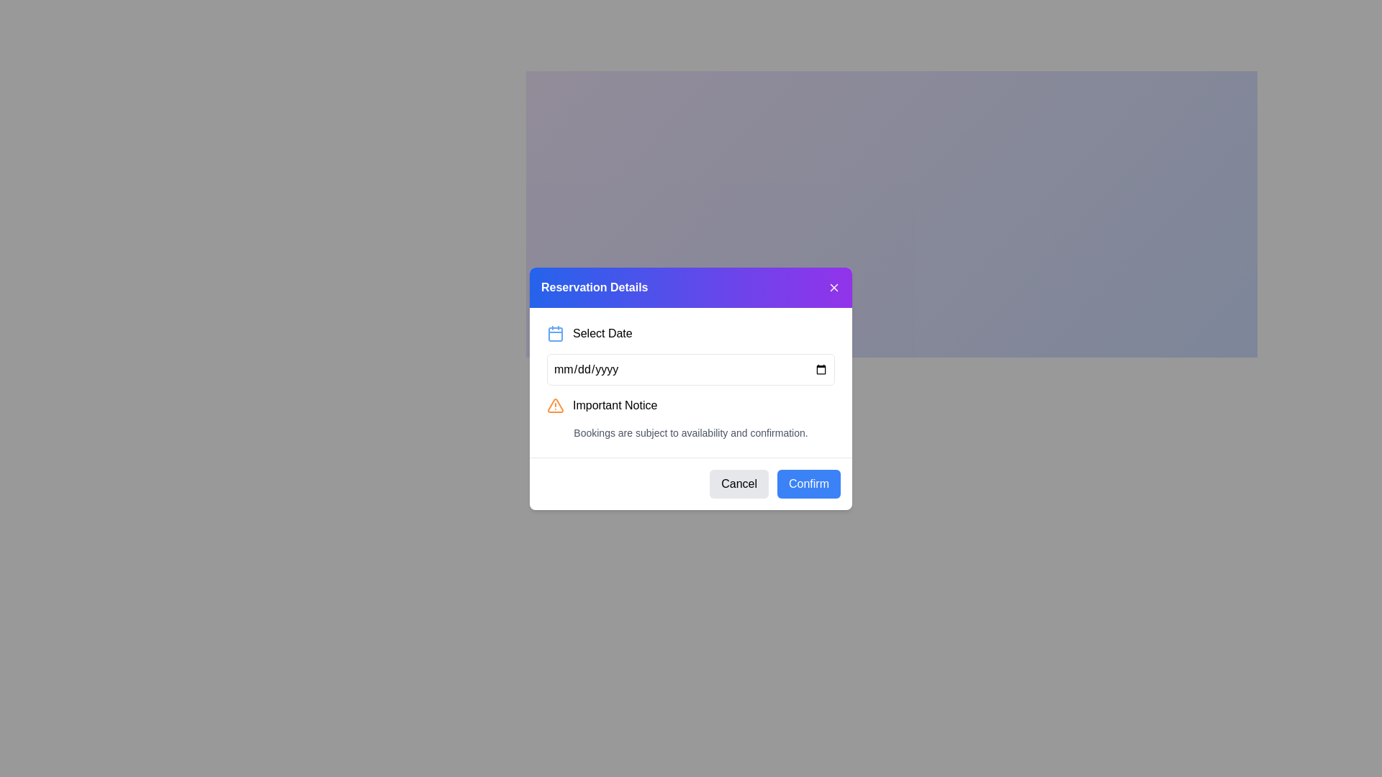 The width and height of the screenshot is (1382, 777). I want to click on the Text Label indicating a warning or important information positioned below the 'Select Date' input field in the modal dialog box to check for additional information, so click(615, 405).